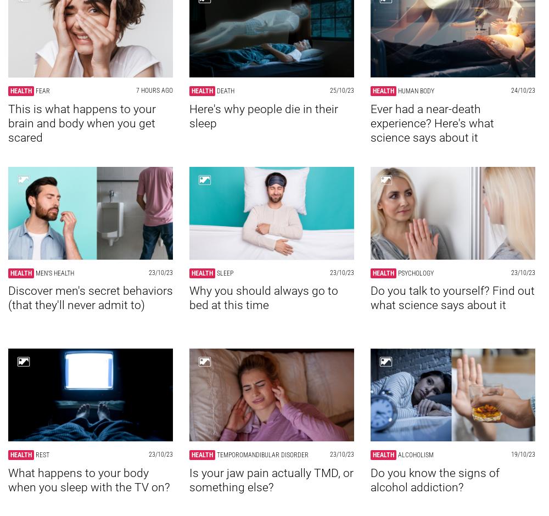 The height and width of the screenshot is (516, 549). What do you see at coordinates (225, 272) in the screenshot?
I see `'Sleep'` at bounding box center [225, 272].